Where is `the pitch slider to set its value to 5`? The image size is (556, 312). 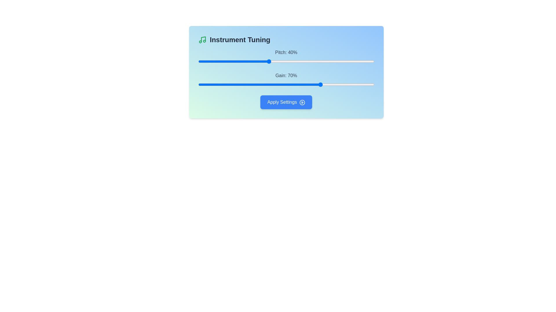
the pitch slider to set its value to 5 is located at coordinates (207, 61).